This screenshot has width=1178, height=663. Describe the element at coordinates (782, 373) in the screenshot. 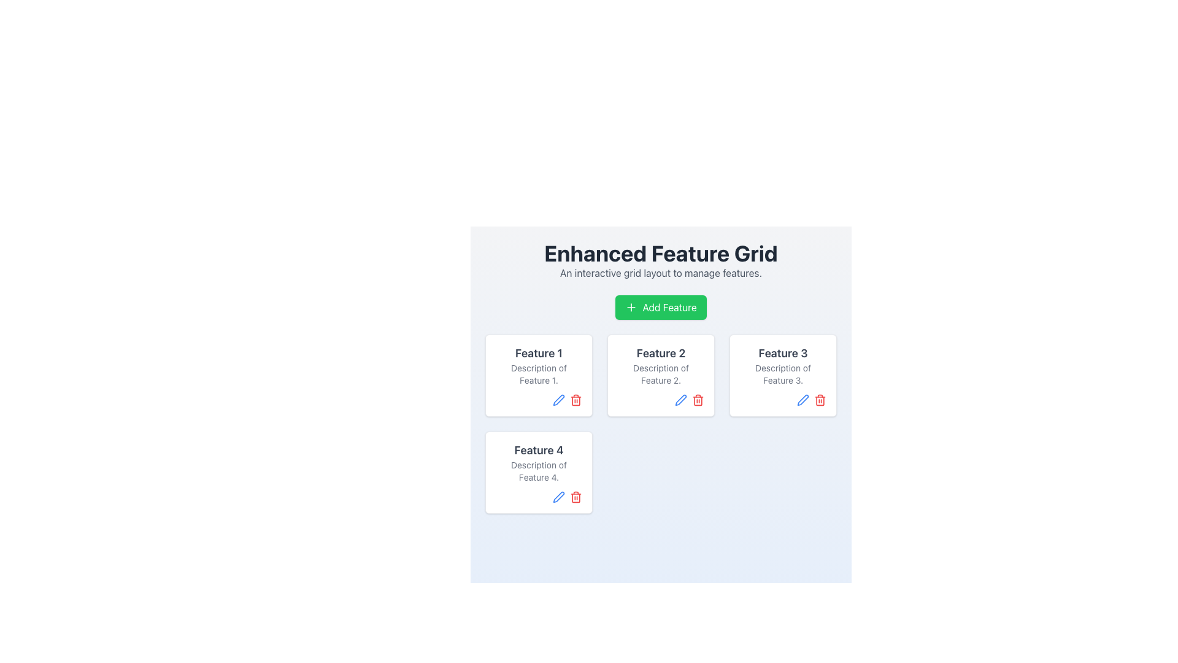

I see `the text label displaying 'Description of Feature 3.' which is styled in small, gray text located below the 'Feature 3' header within the third card in the top right of the grid layout` at that location.